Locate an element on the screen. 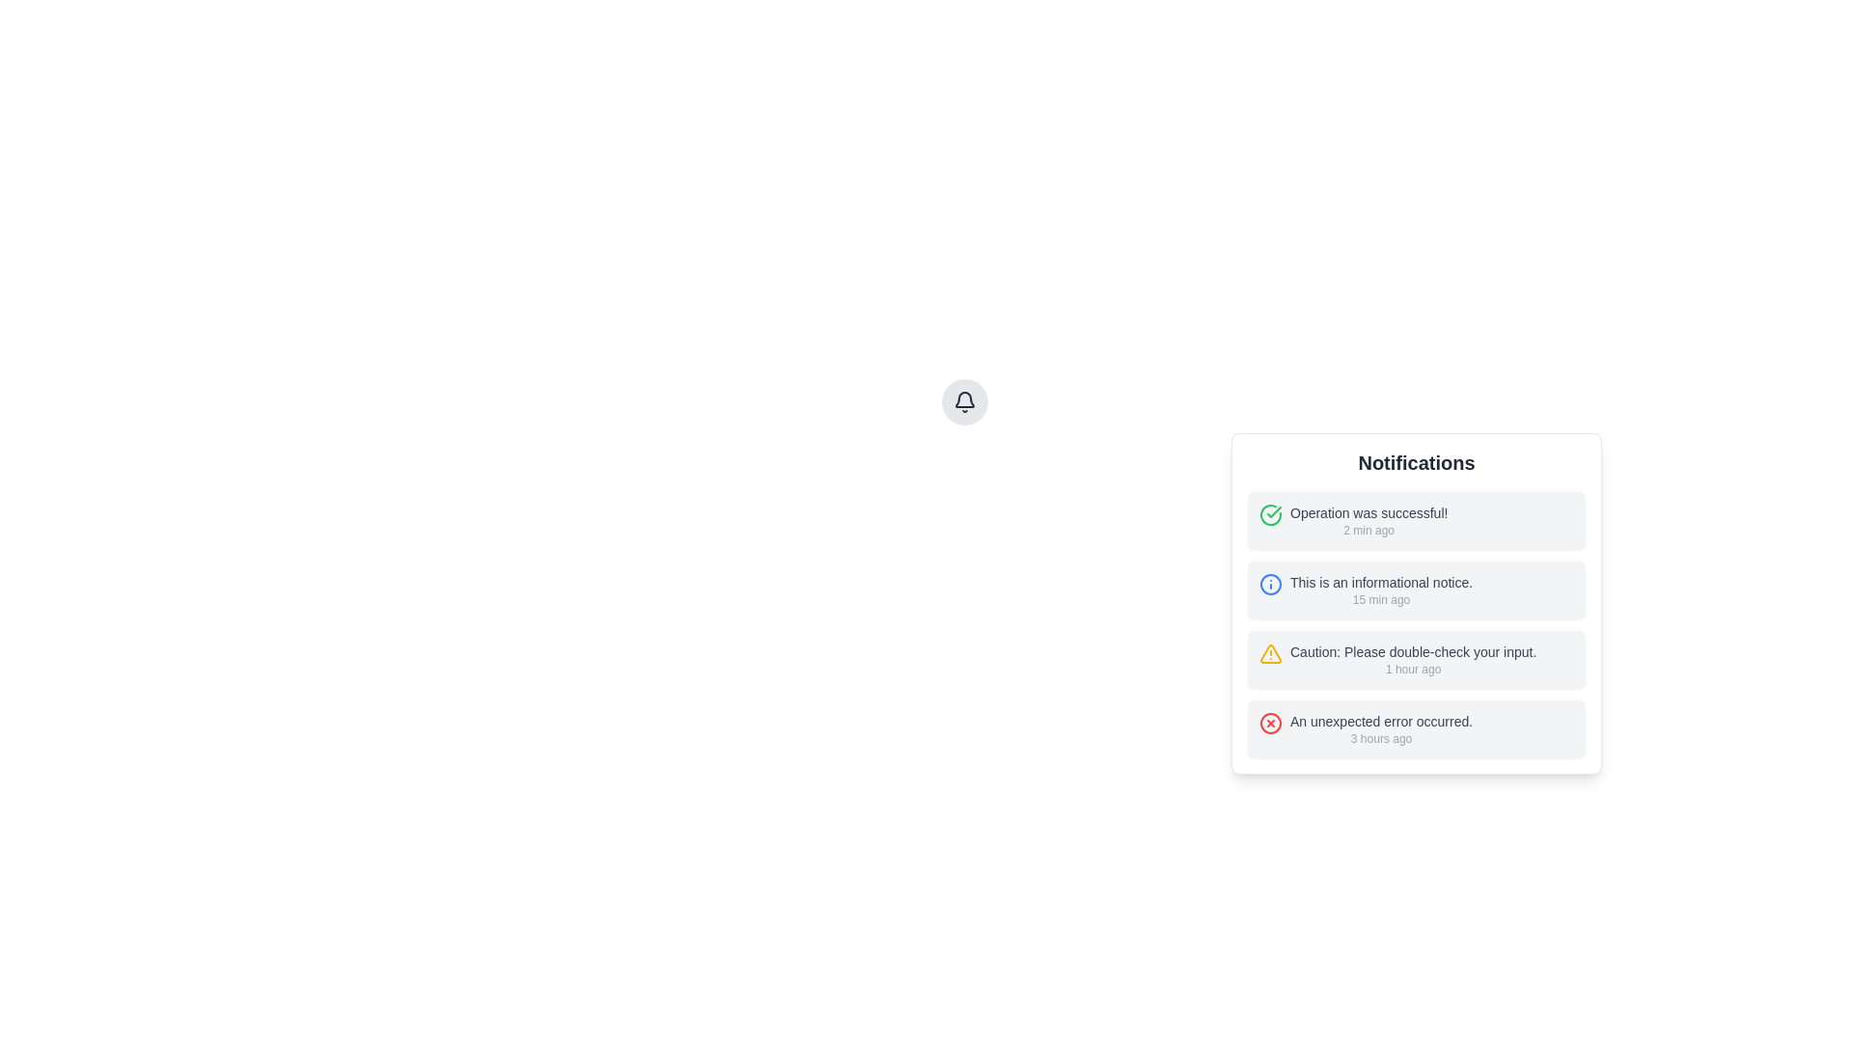  information from the second notification entry styled with a rounded shape and light gray background, which contains an information icon on the left and two lines of text: a main notification message and a timestamp is located at coordinates (1417, 590).